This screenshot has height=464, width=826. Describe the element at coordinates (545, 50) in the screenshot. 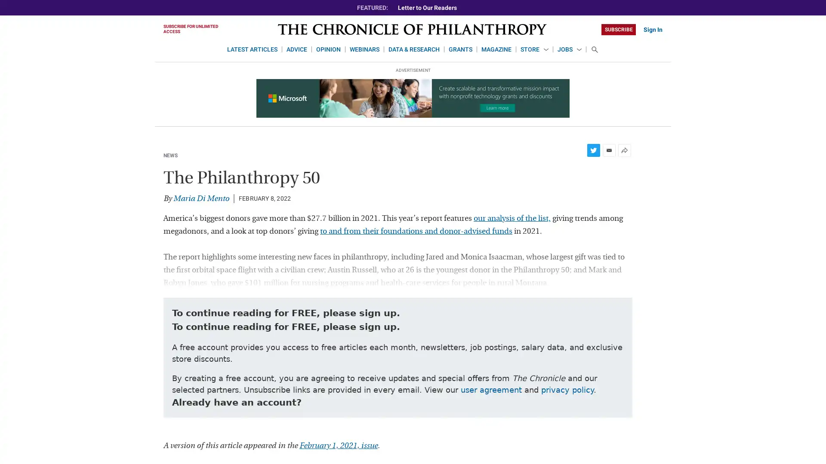

I see `Open Sub Navigation` at that location.